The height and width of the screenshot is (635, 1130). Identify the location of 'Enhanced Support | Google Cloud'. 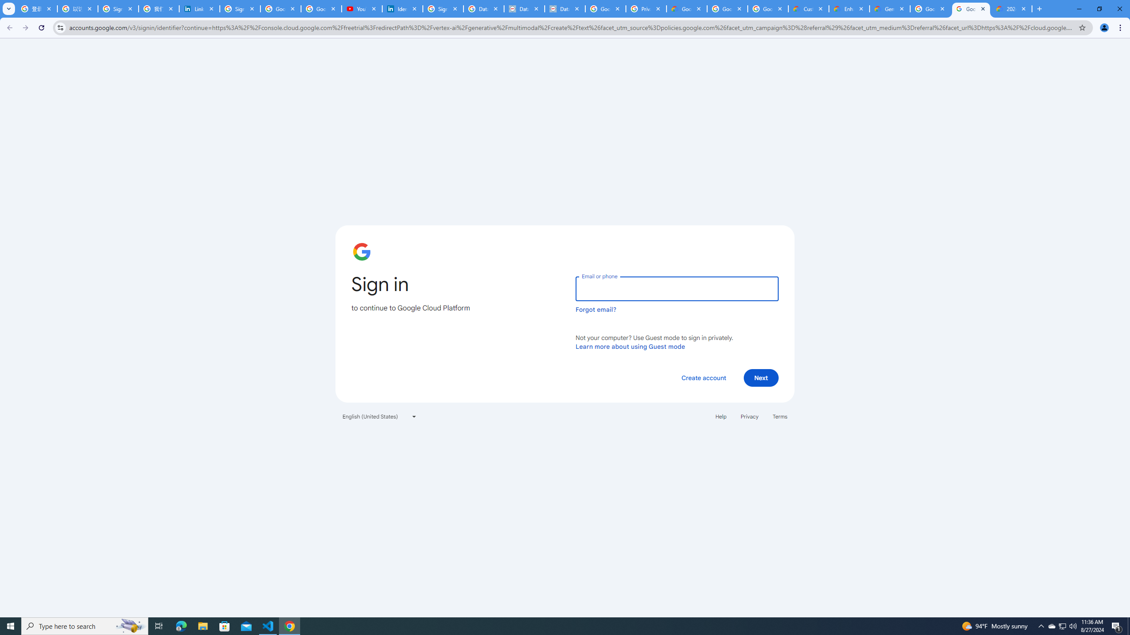
(849, 8).